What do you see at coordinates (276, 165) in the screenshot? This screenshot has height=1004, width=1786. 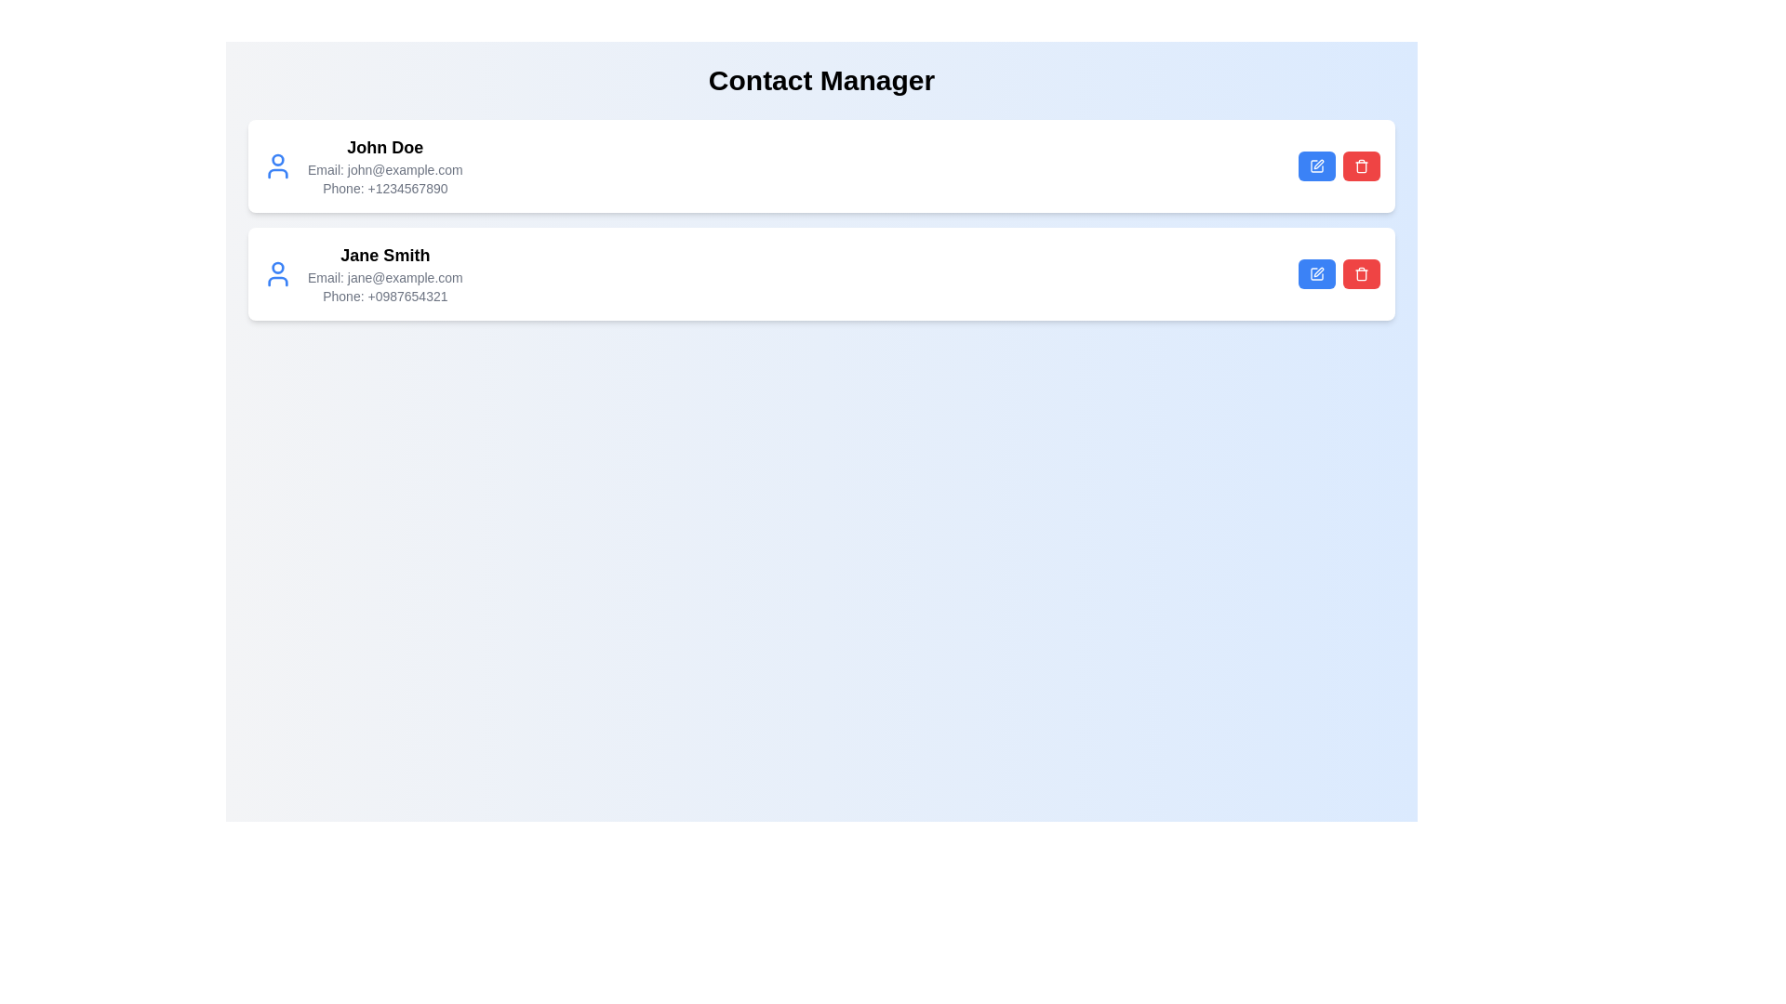 I see `the circular blue user profile icon located to the left of the user information section for 'John Doe'` at bounding box center [276, 165].